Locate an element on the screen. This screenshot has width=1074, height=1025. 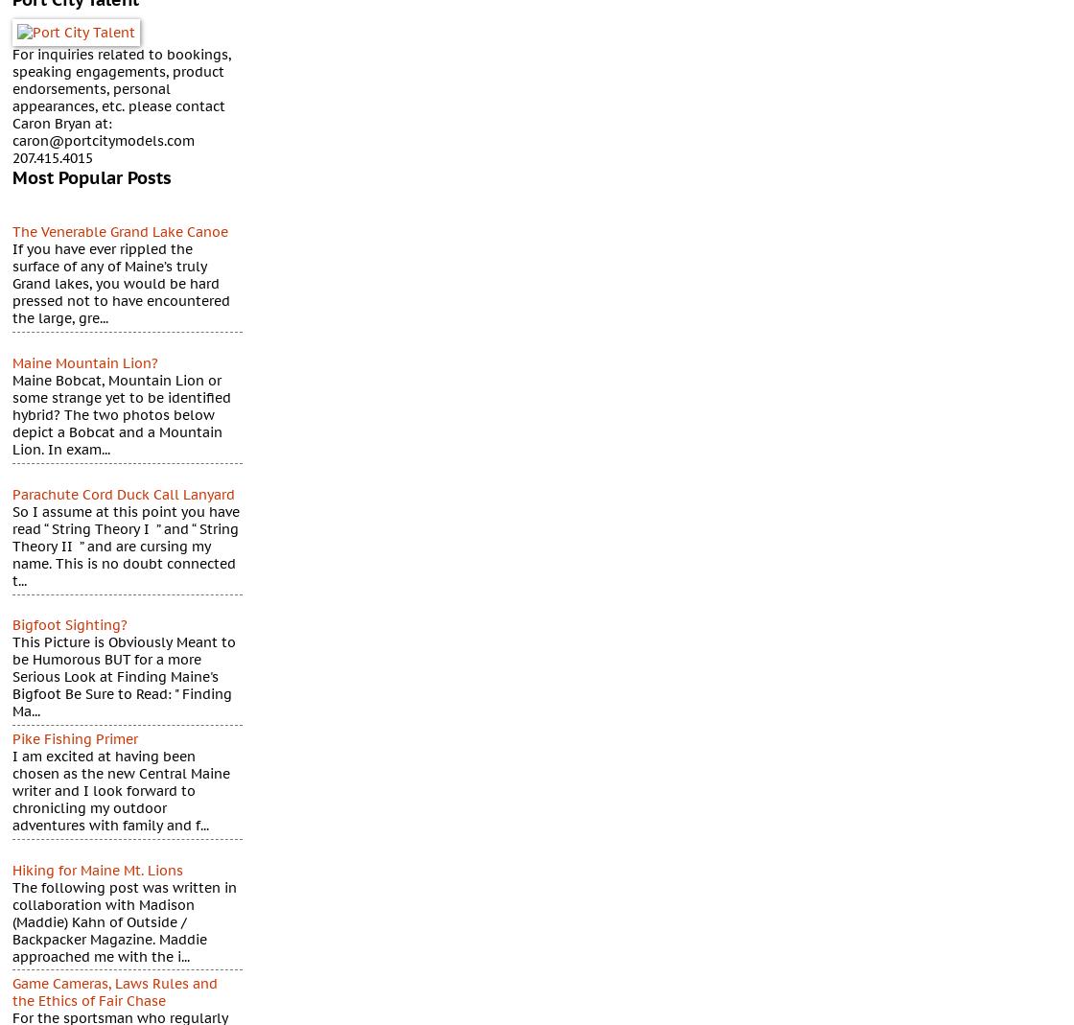
'The following post was written in collaboration with Madison (Maddie) Kahn of Outside / Backpacker Magazine. Maddie approached me with the i...' is located at coordinates (125, 920).